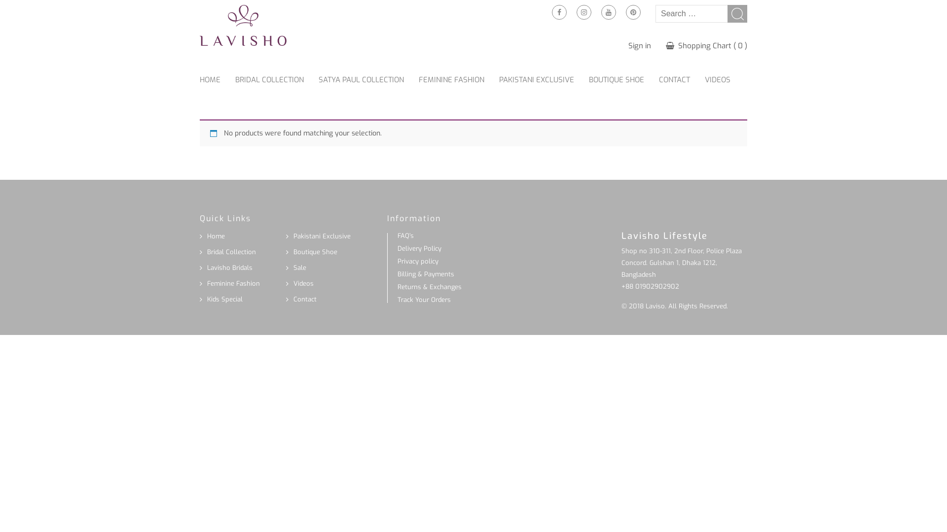 This screenshot has width=947, height=532. I want to click on 'SATYA PAUL COLLECTION', so click(368, 79).